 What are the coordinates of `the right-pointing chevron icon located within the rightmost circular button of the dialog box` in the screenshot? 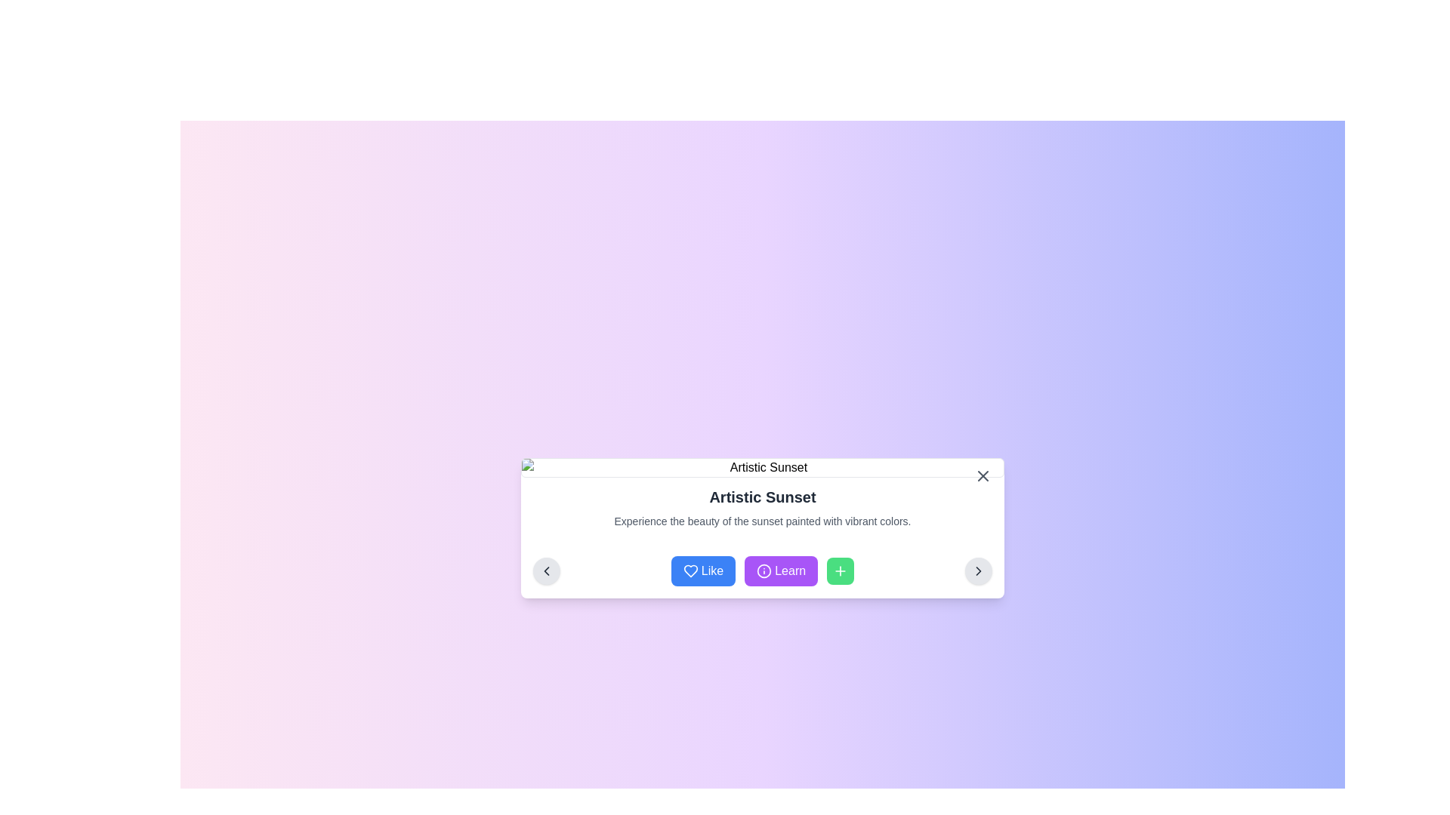 It's located at (979, 570).